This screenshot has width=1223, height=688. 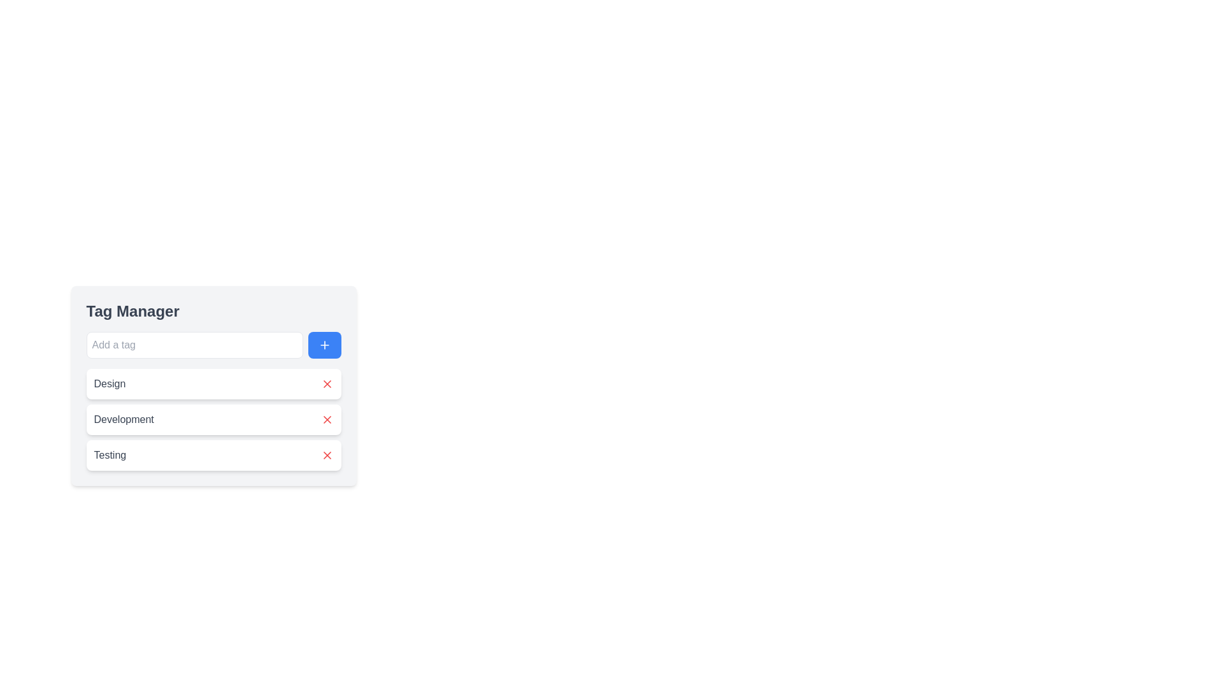 I want to click on the 'Development' text label, which is a medium-weight, gray font header text positioned within a card beneath the 'Design' label and above the 'Testing' label, so click(x=124, y=420).